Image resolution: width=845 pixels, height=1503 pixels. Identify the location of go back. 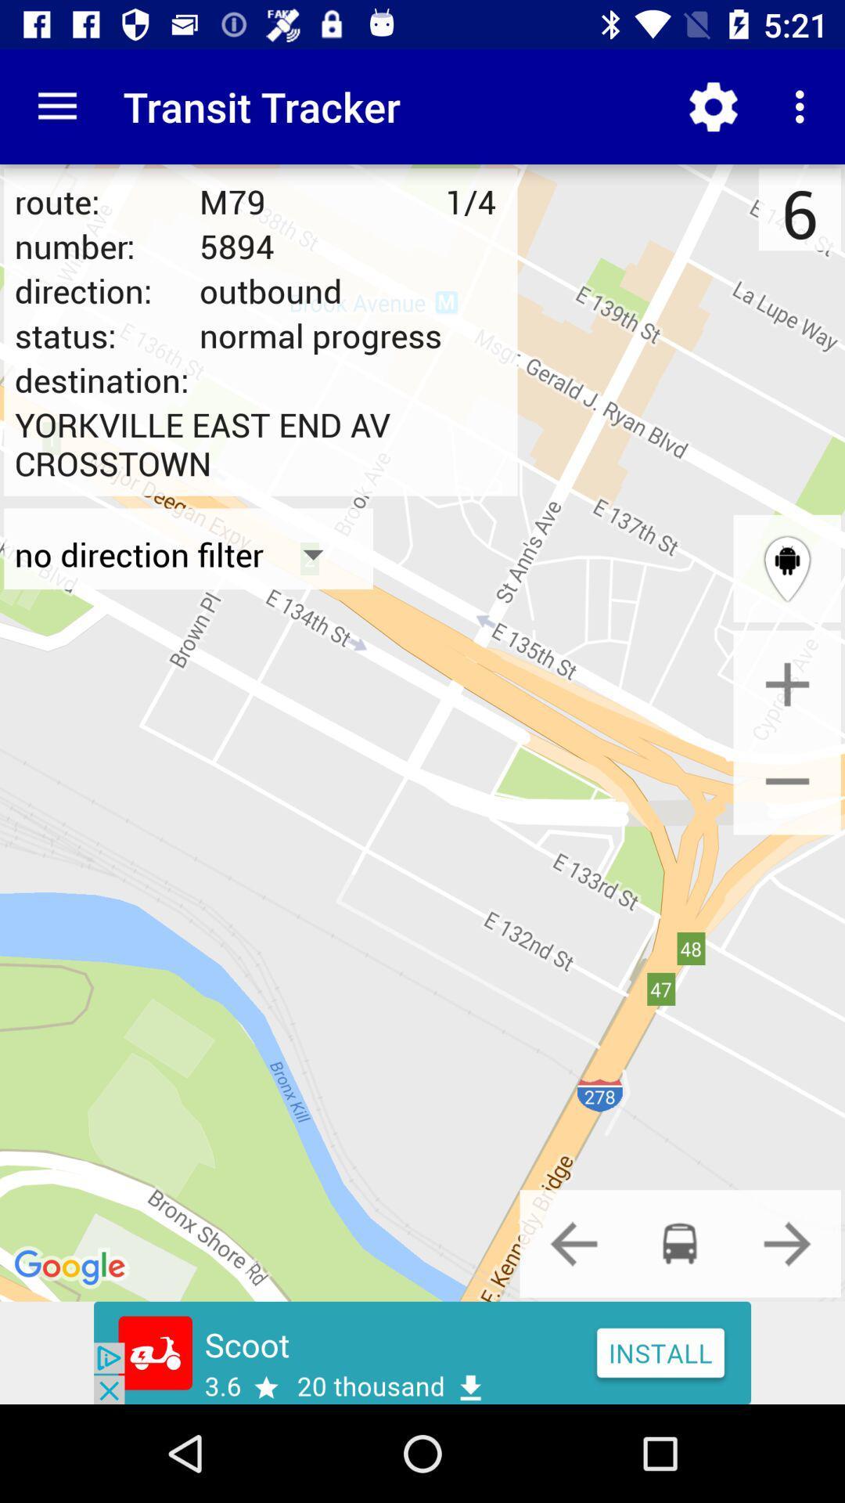
(574, 1242).